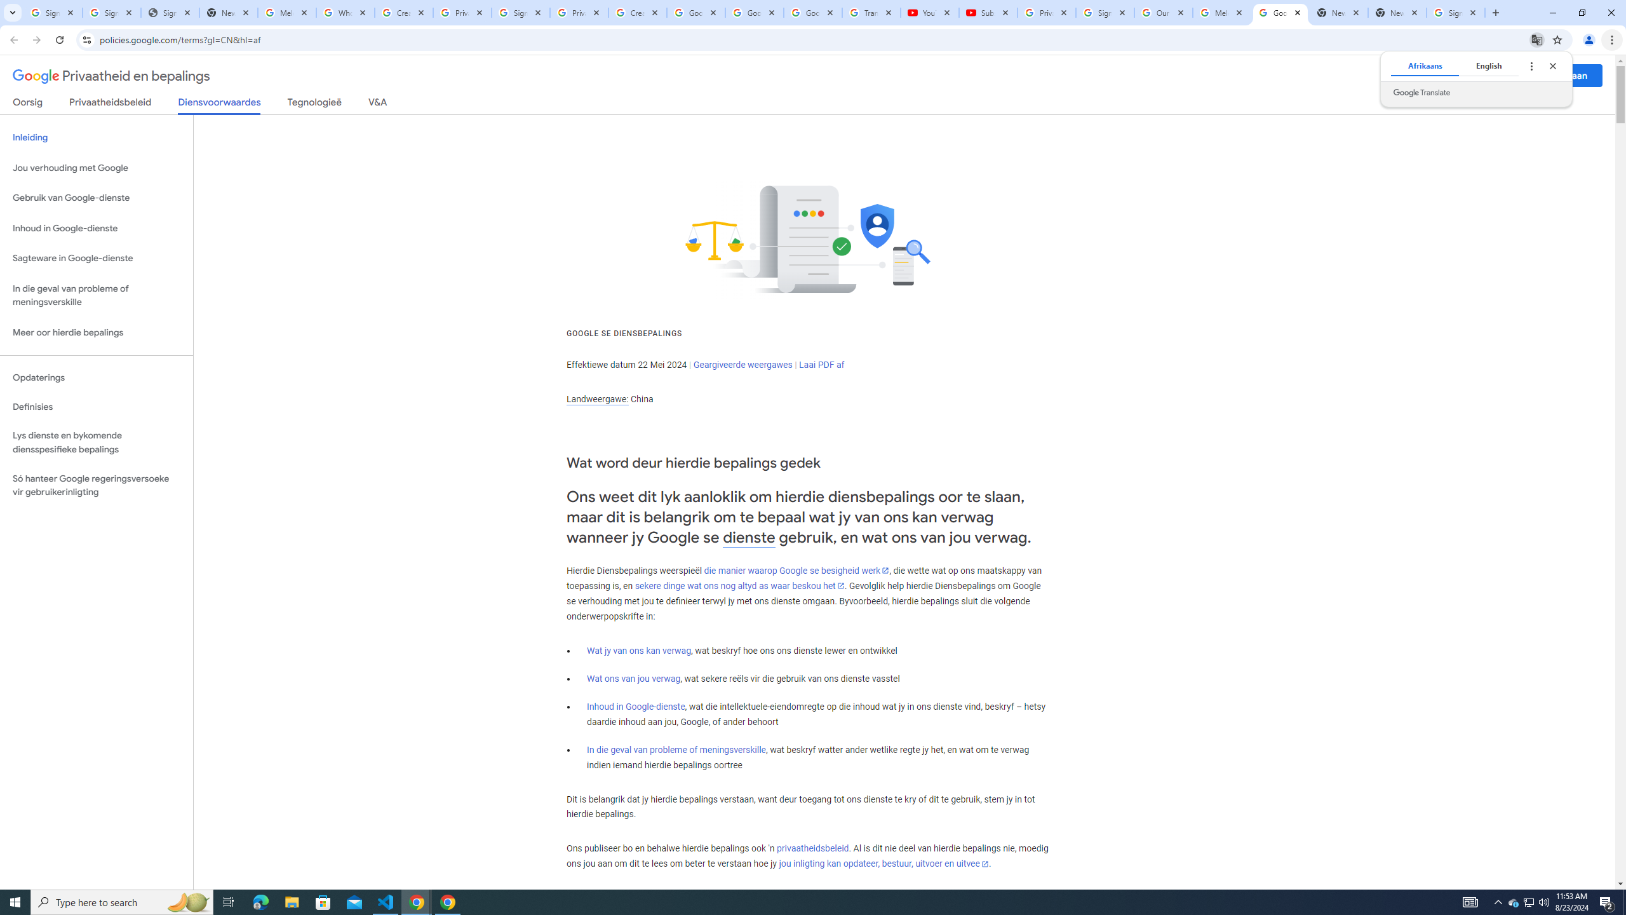  Describe the element at coordinates (96, 137) in the screenshot. I see `'Inleiding'` at that location.